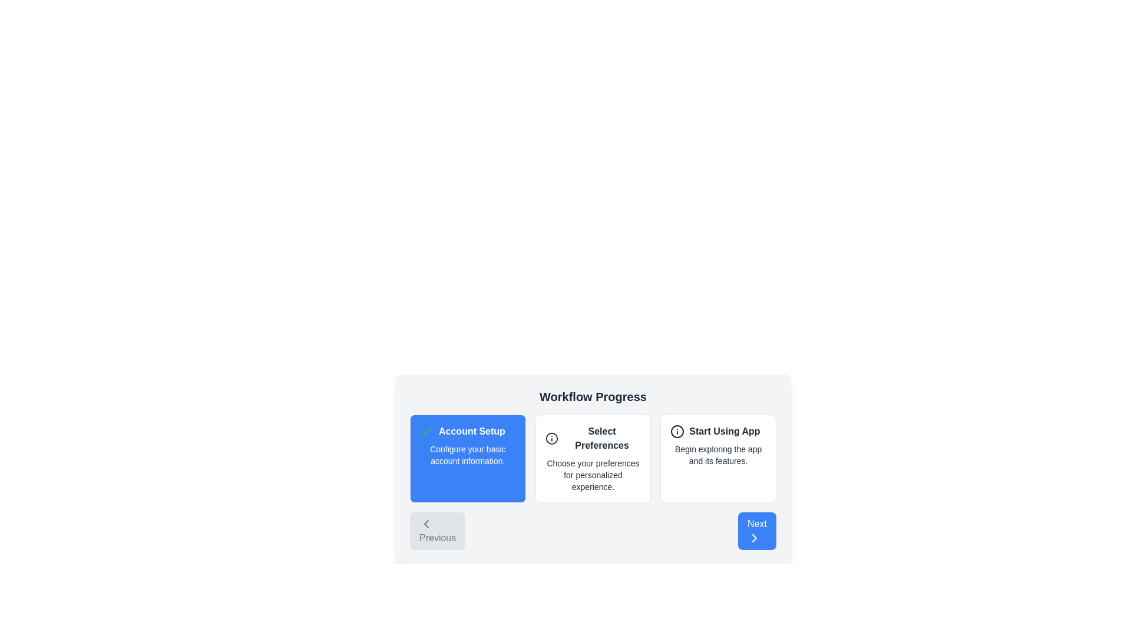 The width and height of the screenshot is (1131, 636). I want to click on the checkmark icon indicating completion for the 'Account Setup' step located in the top-left quadrant of the blue-highlighted card in the workflow progress interface, so click(426, 431).